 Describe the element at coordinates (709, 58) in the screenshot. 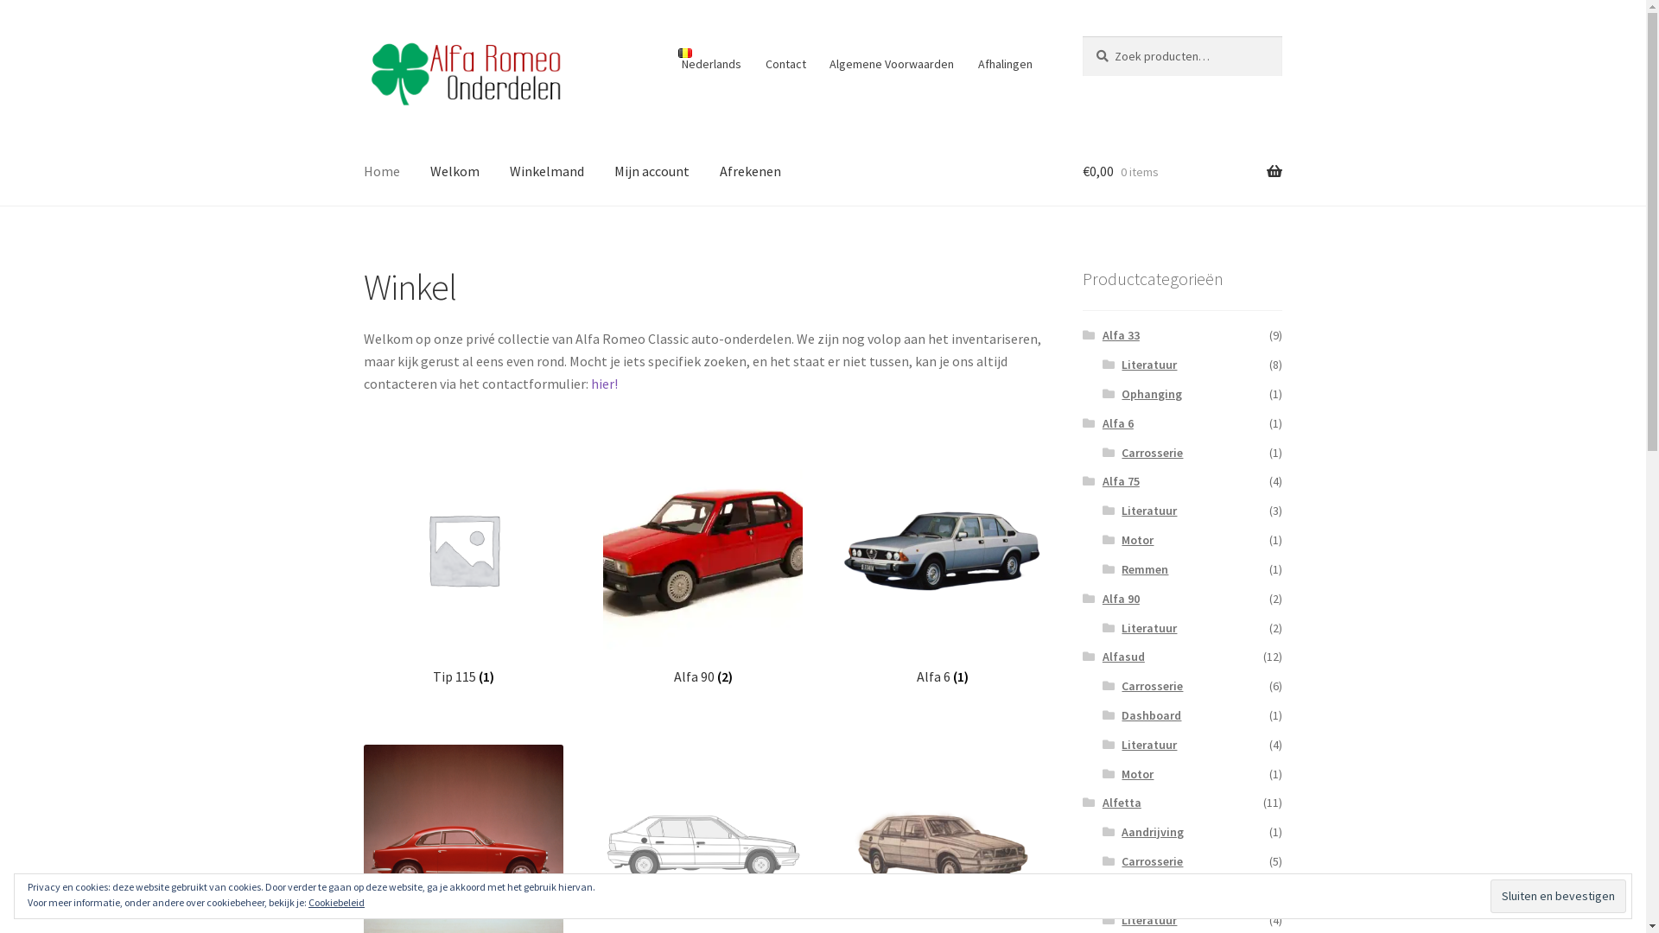

I see `'Nederlands'` at that location.